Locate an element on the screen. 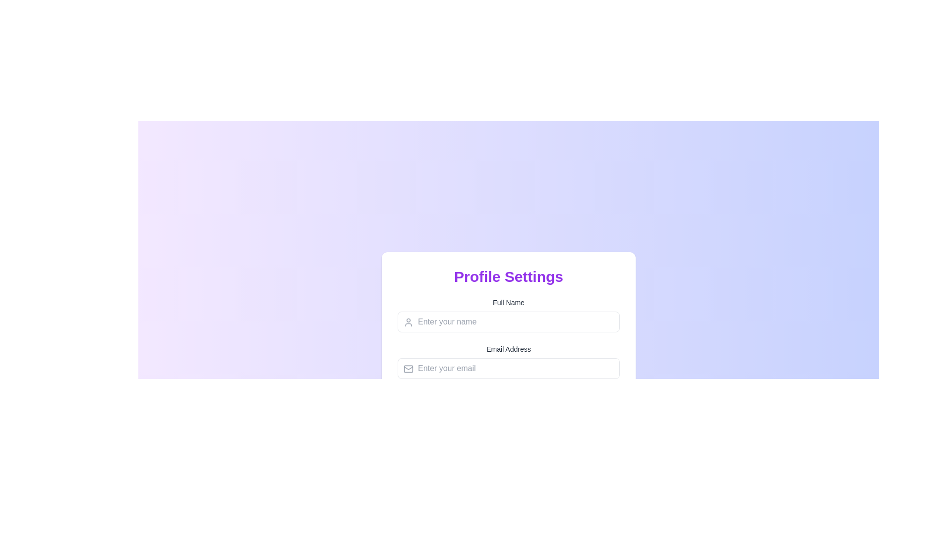 The height and width of the screenshot is (535, 952). the small, mail-shaped icon with a gray hue located to the left of the email address input field in the form is located at coordinates (409, 369).